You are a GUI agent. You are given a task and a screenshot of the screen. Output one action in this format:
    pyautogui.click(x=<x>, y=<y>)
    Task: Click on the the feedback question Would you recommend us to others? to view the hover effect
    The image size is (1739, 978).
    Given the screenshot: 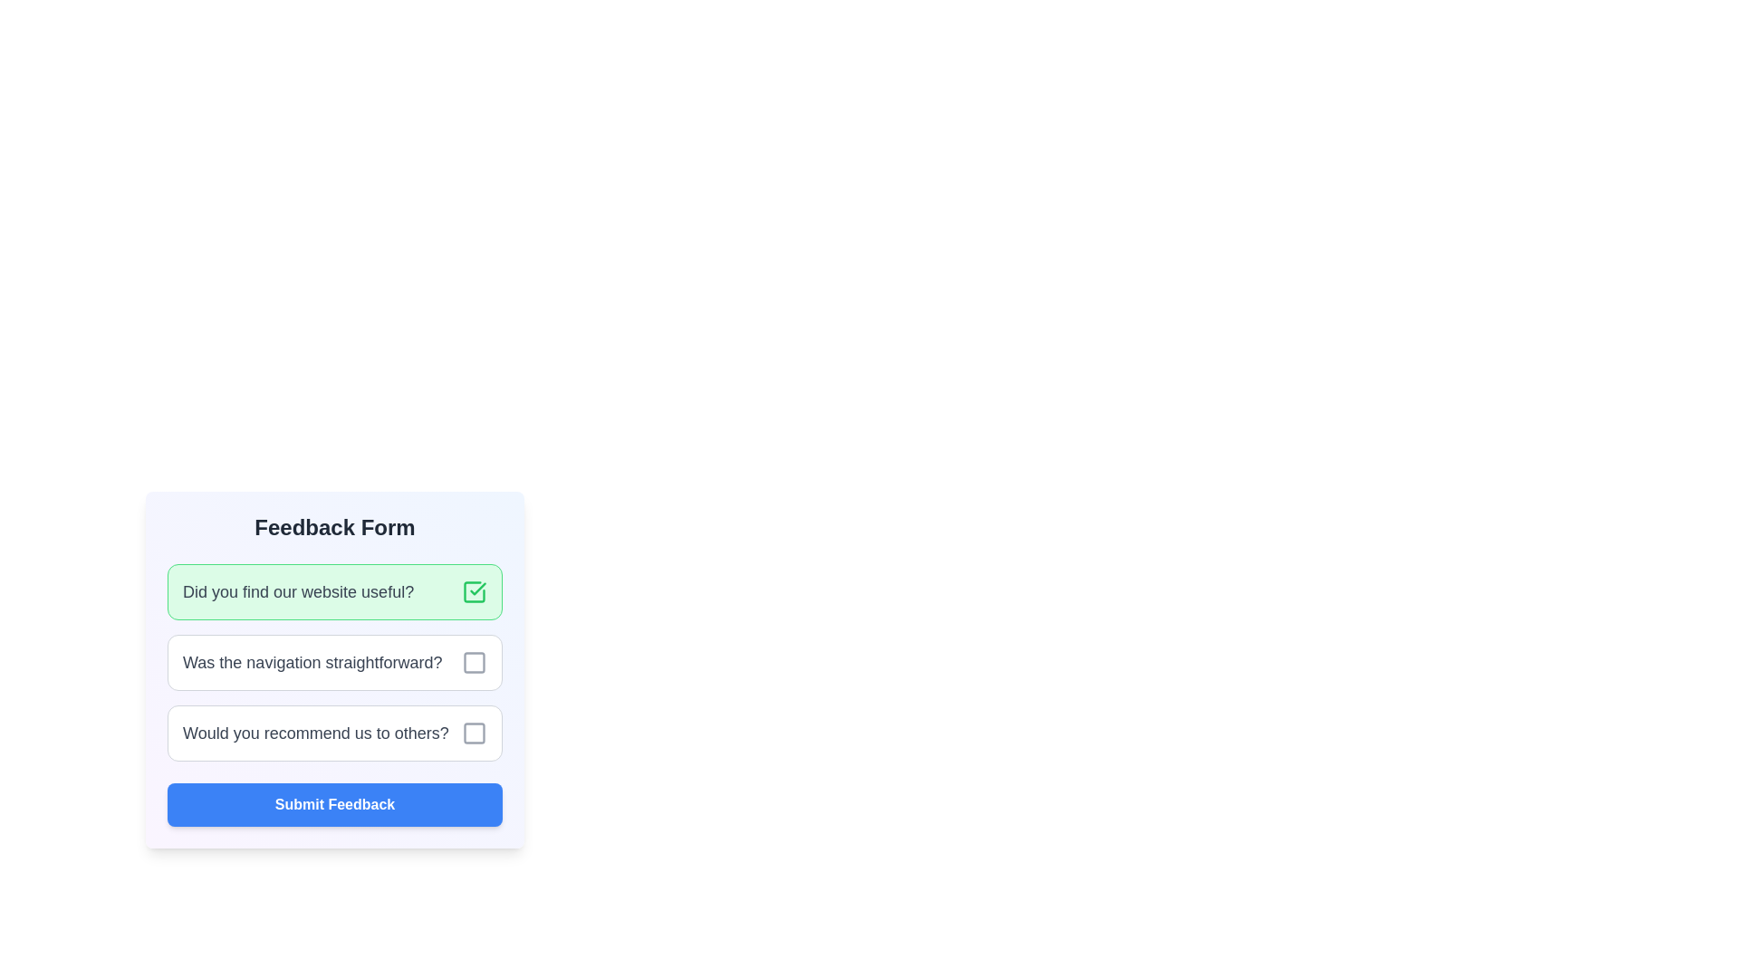 What is the action you would take?
    pyautogui.click(x=334, y=733)
    